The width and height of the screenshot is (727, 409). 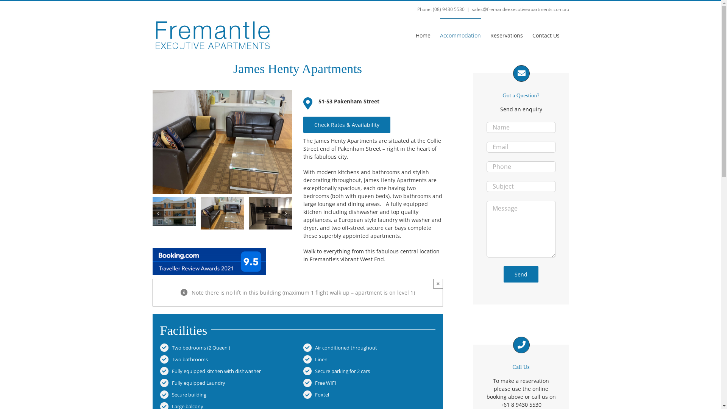 I want to click on 'Send', so click(x=521, y=274).